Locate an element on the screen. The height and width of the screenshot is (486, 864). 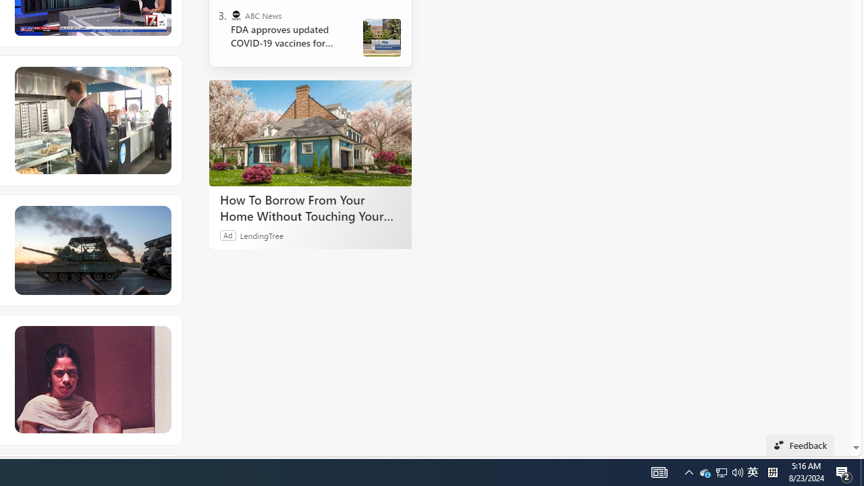
'LendingTree' is located at coordinates (261, 234).